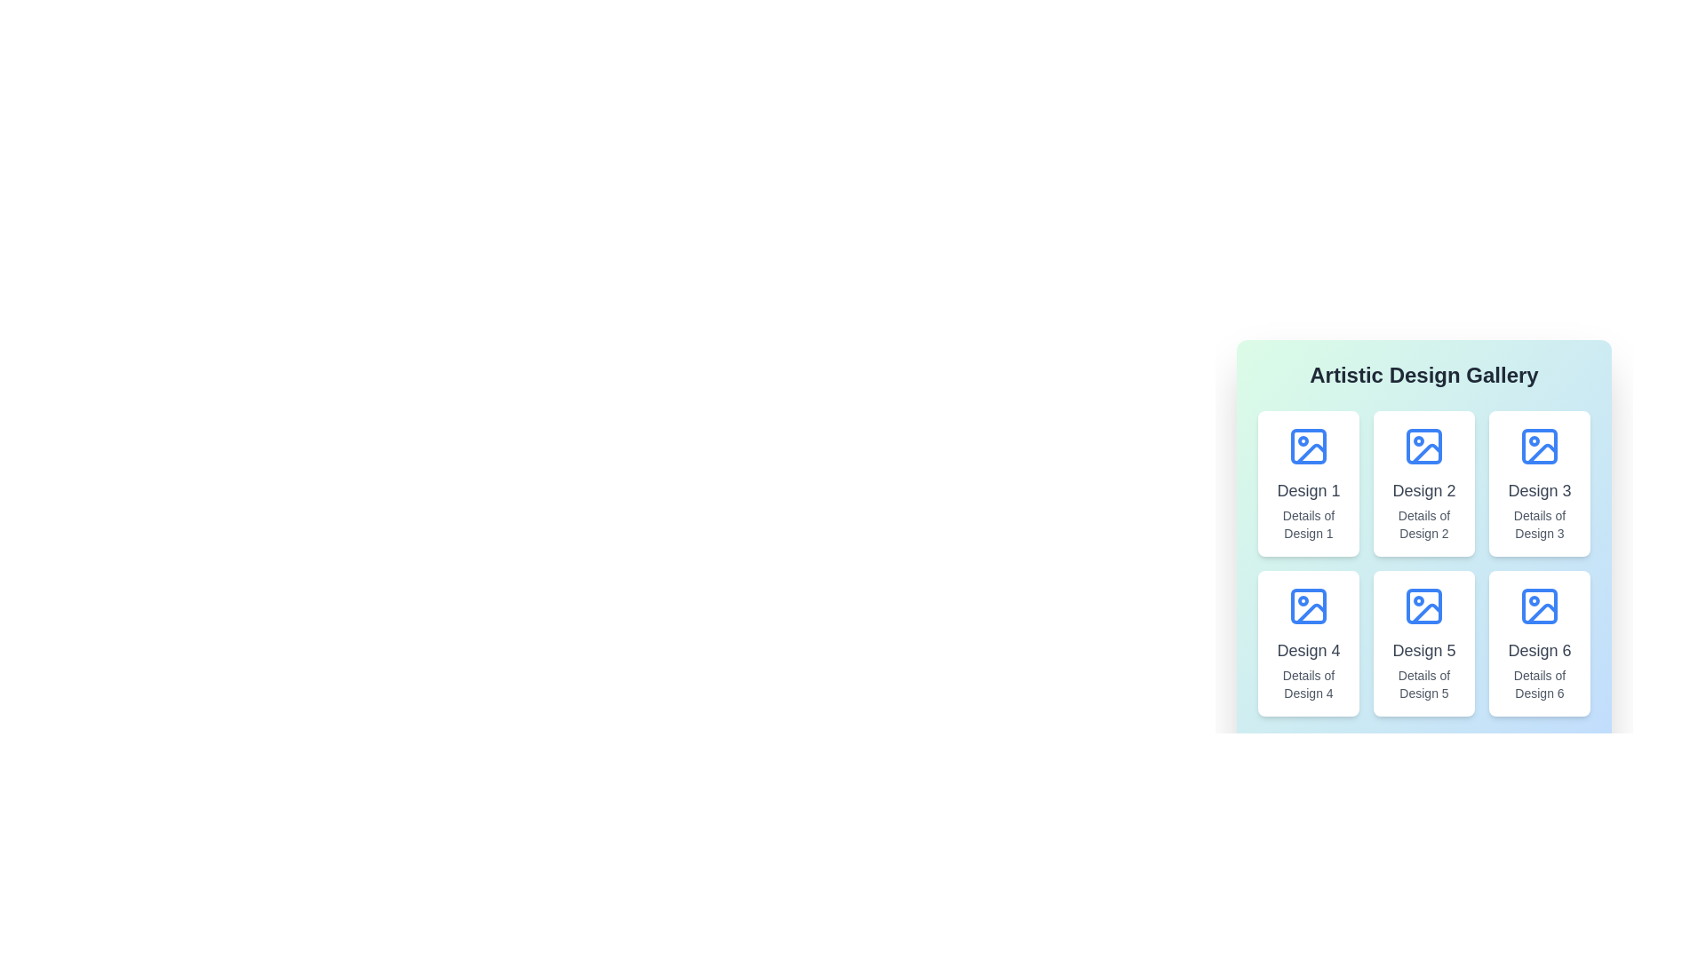  I want to click on the sixth card in the grid layout, so click(1538, 644).